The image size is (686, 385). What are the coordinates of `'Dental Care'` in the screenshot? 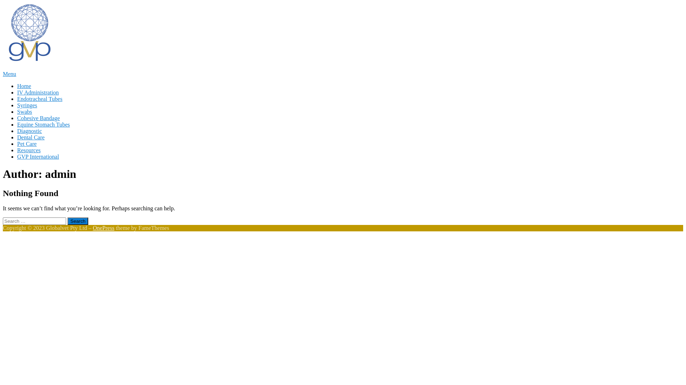 It's located at (30, 137).